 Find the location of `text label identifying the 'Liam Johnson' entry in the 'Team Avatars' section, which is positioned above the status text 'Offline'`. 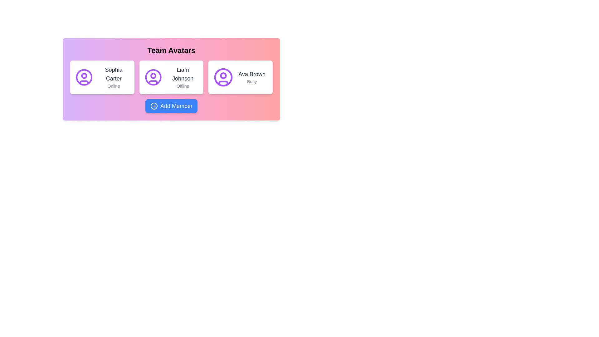

text label identifying the 'Liam Johnson' entry in the 'Team Avatars' section, which is positioned above the status text 'Offline' is located at coordinates (183, 74).